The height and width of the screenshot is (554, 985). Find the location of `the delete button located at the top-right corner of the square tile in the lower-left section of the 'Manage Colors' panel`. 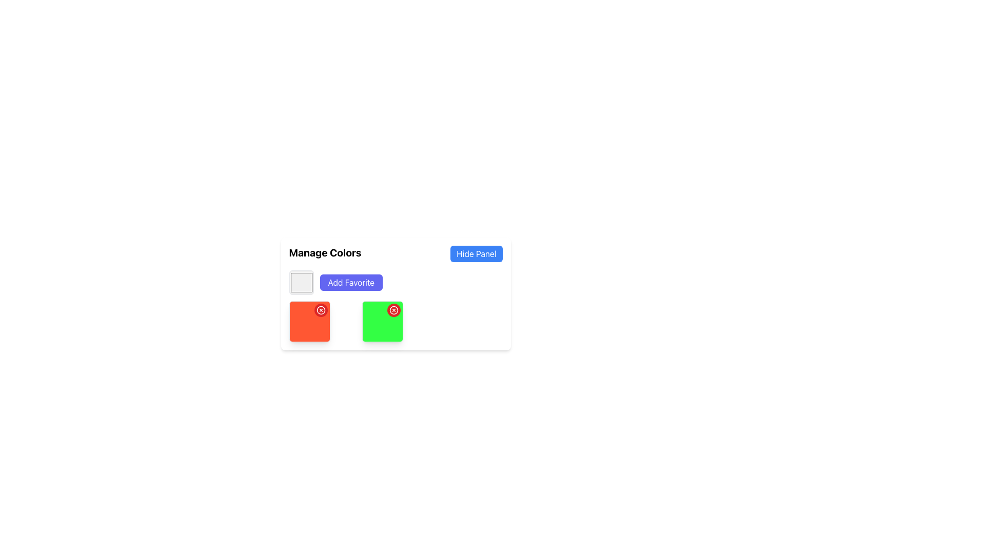

the delete button located at the top-right corner of the square tile in the lower-left section of the 'Manage Colors' panel is located at coordinates (320, 310).